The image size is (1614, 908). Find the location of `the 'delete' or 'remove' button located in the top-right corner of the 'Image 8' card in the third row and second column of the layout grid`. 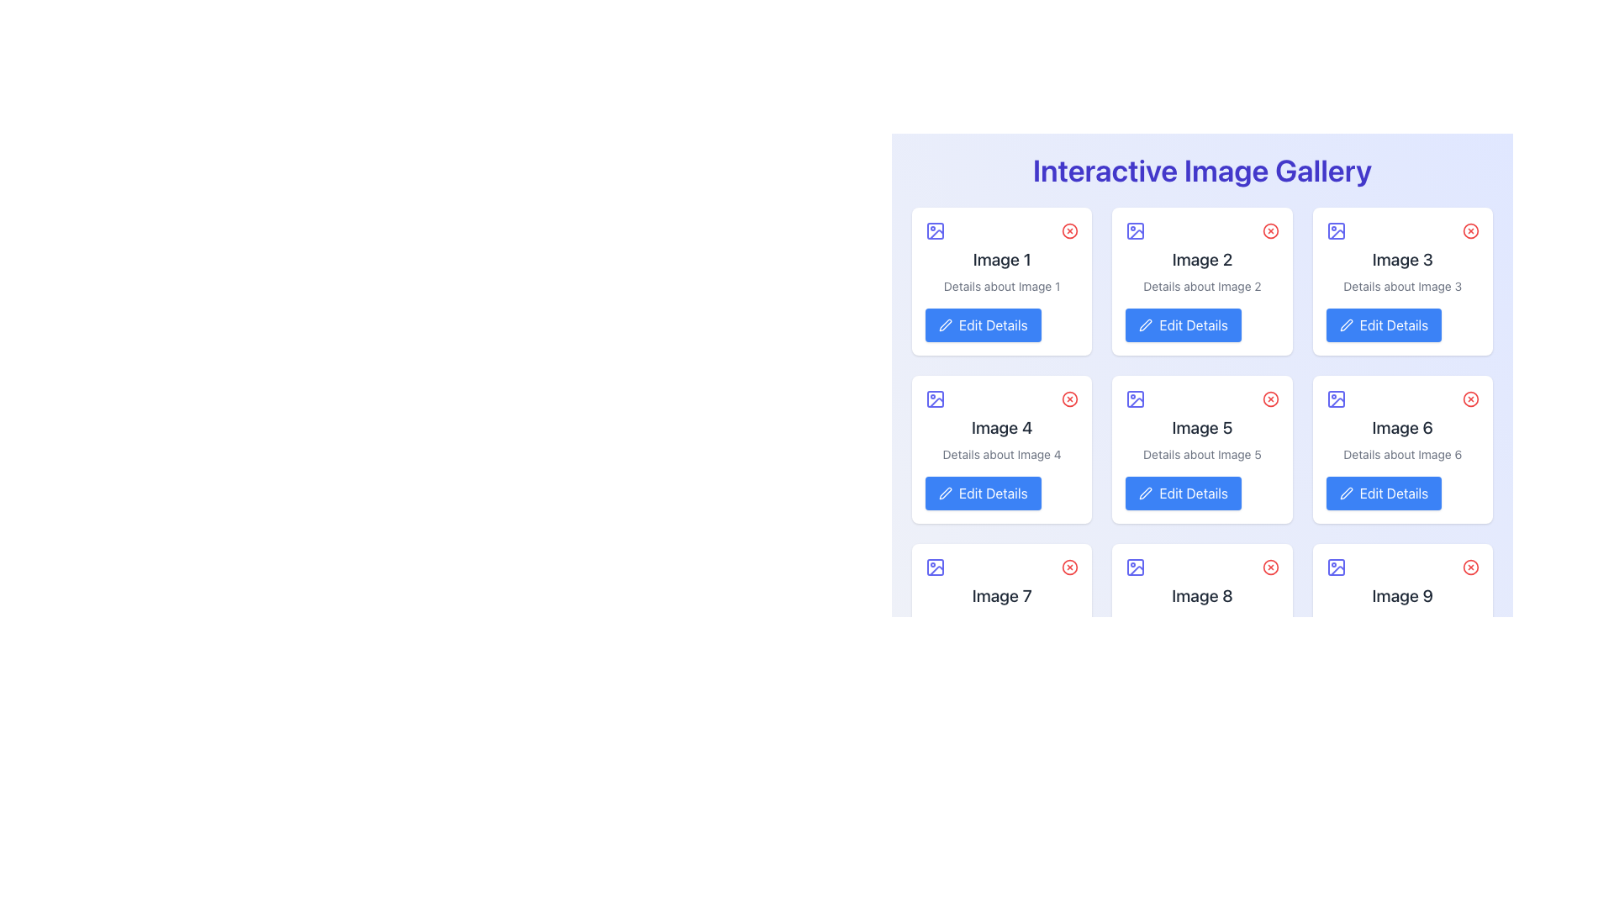

the 'delete' or 'remove' button located in the top-right corner of the 'Image 8' card in the third row and second column of the layout grid is located at coordinates (1270, 567).